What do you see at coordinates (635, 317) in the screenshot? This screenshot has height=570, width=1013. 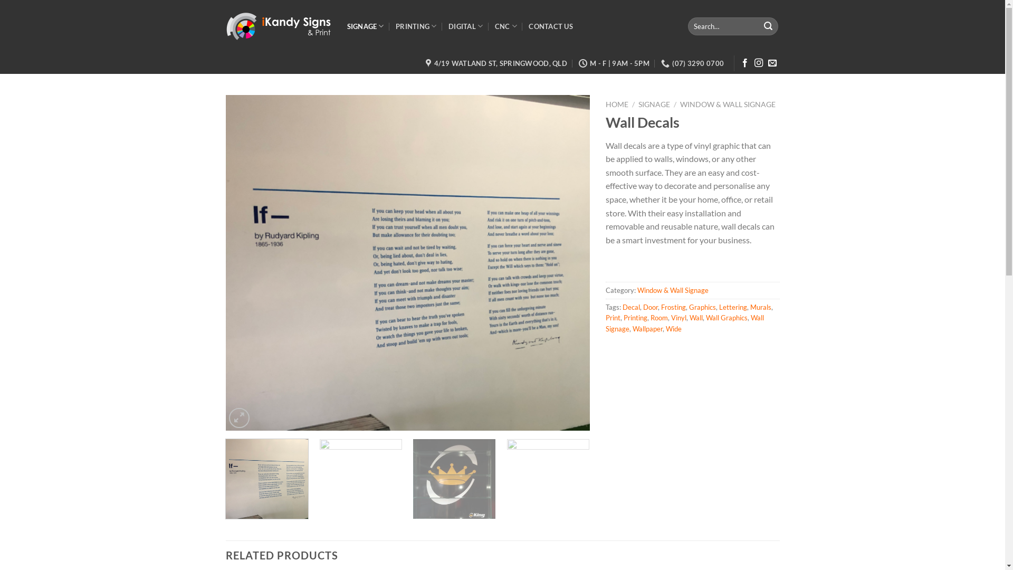 I see `'Printing'` at bounding box center [635, 317].